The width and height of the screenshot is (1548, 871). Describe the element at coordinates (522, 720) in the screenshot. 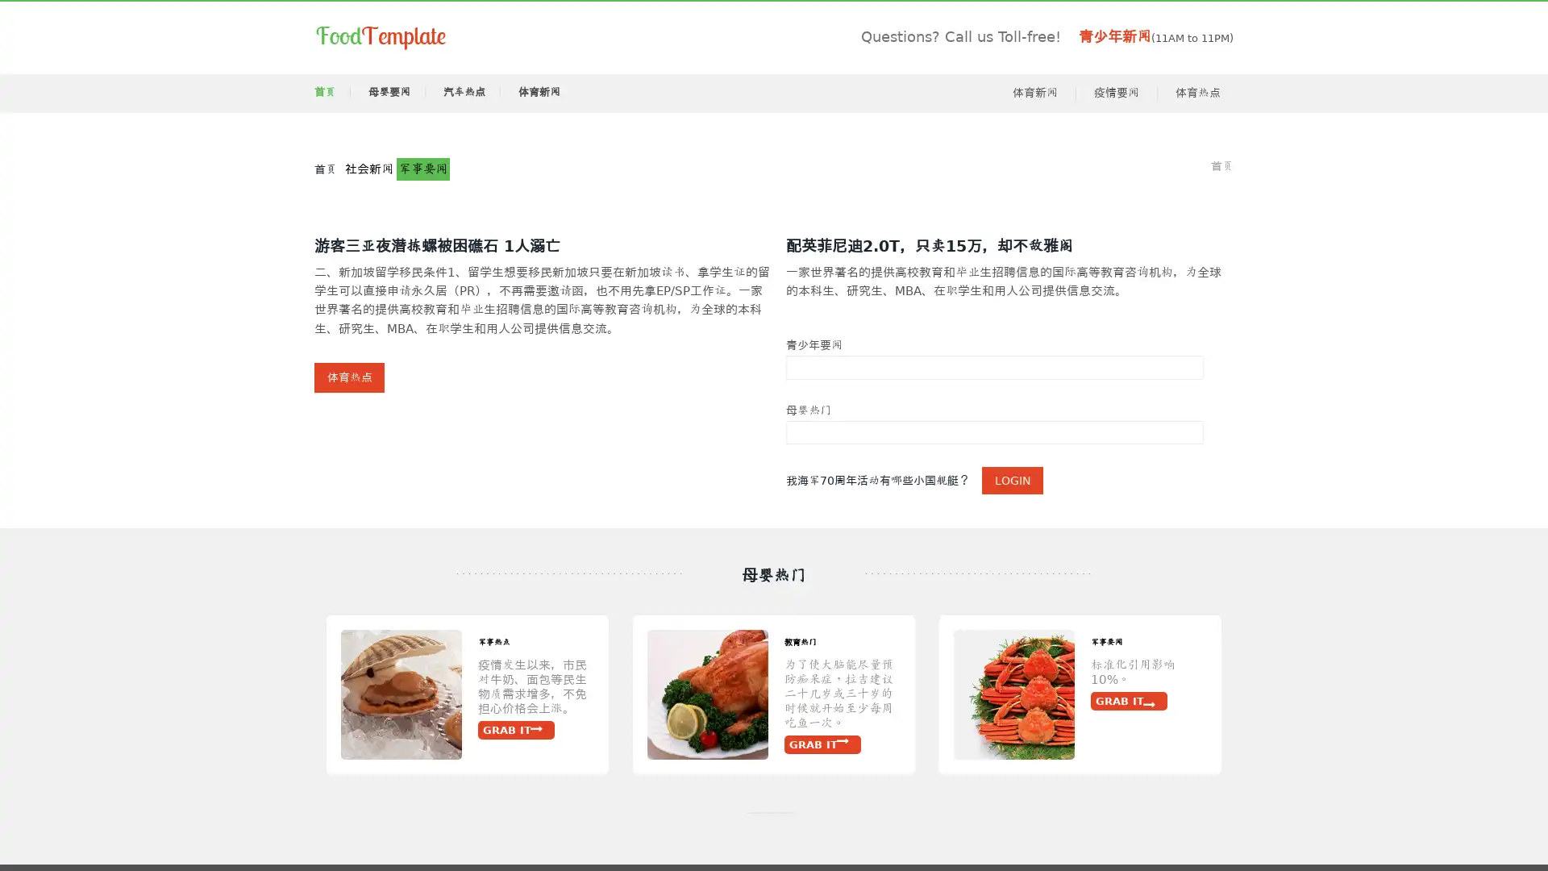

I see `Grab It` at that location.